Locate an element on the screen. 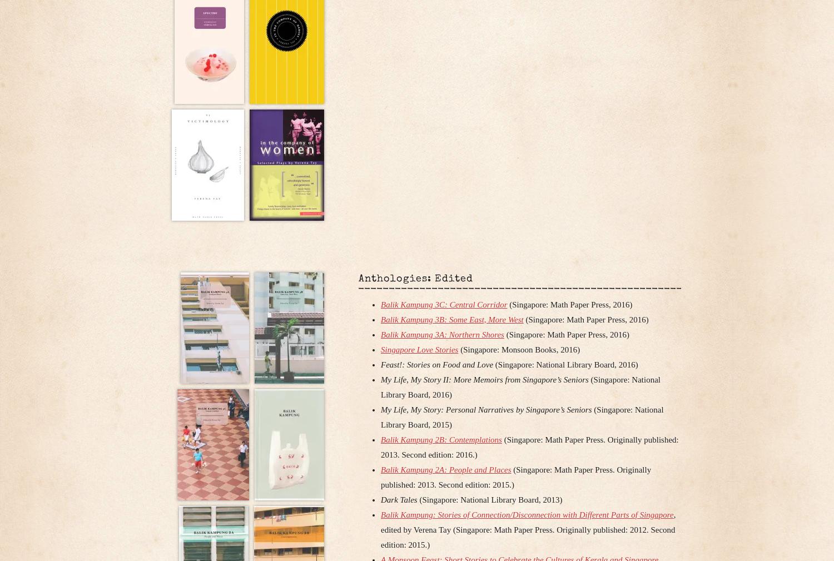  'Balik Kampung: Stories of Connection/Disconnection with Different Parts of Singapore' is located at coordinates (527, 514).